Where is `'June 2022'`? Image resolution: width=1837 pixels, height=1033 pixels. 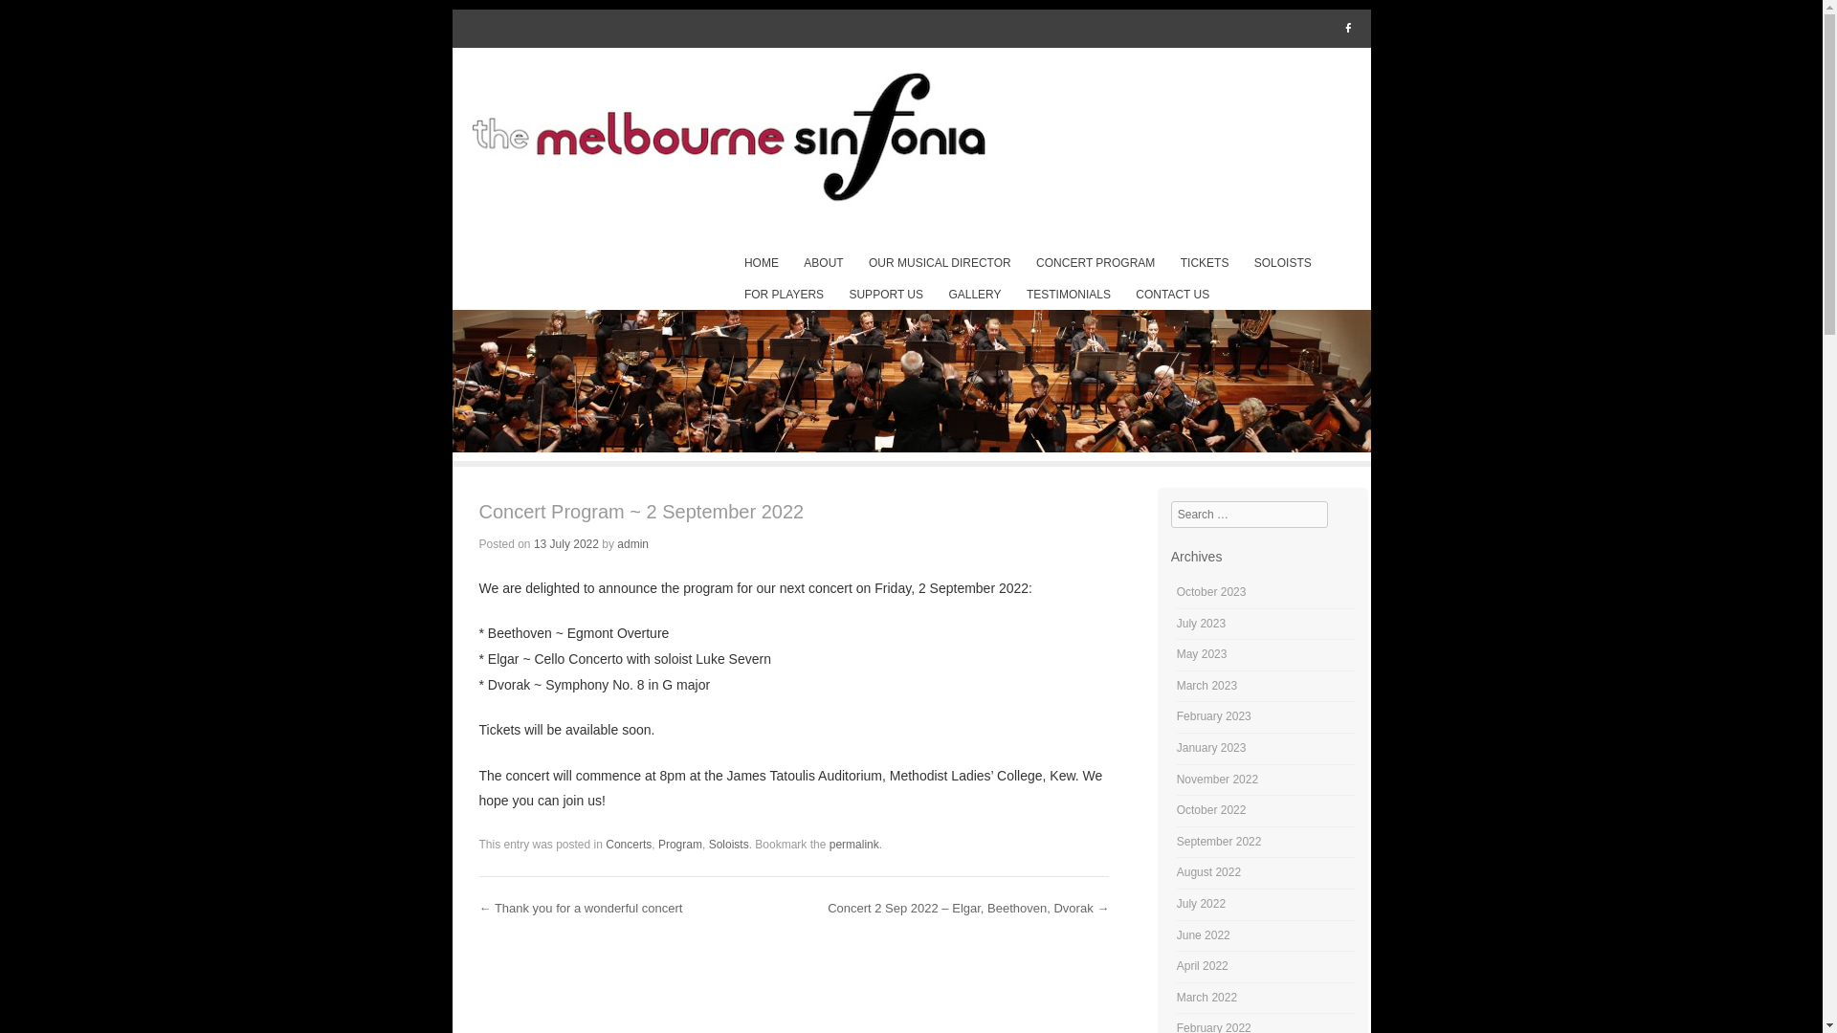 'June 2022' is located at coordinates (1175, 934).